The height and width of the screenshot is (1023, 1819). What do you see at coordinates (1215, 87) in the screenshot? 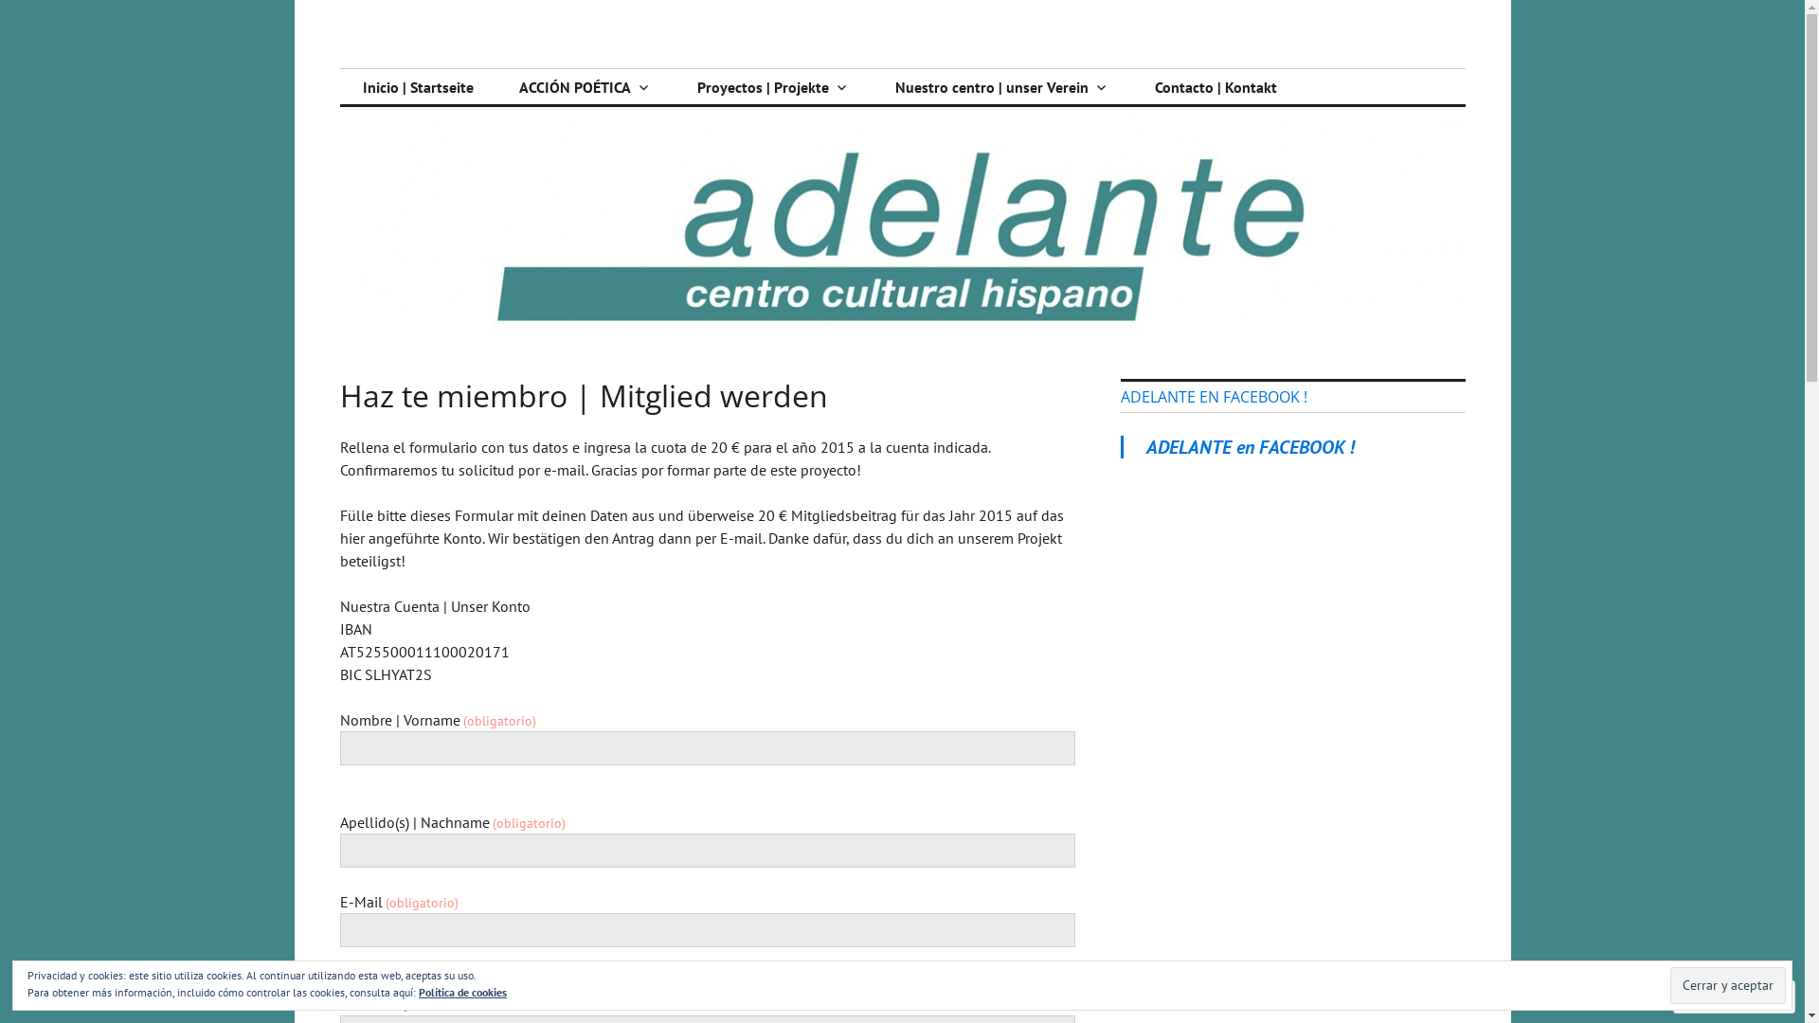
I see `'Contacto | Kontakt'` at bounding box center [1215, 87].